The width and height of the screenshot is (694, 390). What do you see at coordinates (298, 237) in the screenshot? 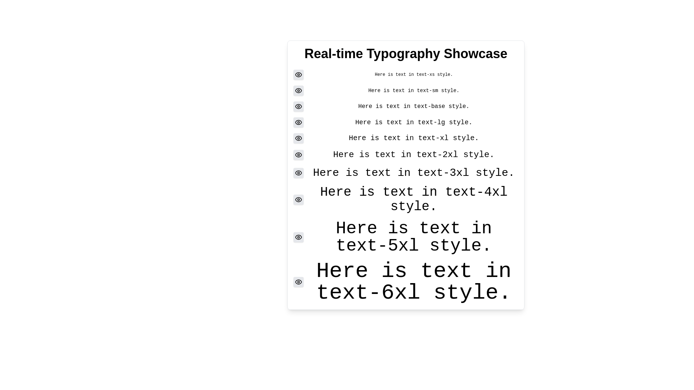
I see `the small black eye-shaped icon with a hollow circular center near the bottom section of the left sidebar` at bounding box center [298, 237].